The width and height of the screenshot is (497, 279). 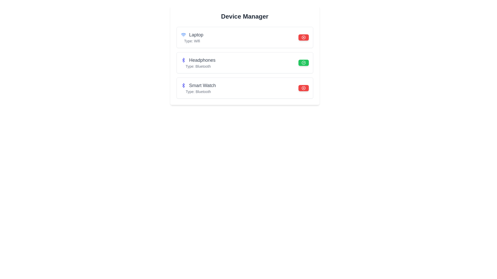 What do you see at coordinates (303, 63) in the screenshot?
I see `the button with a green background and a check-circle icon located in the 'Headphones' card to interact` at bounding box center [303, 63].